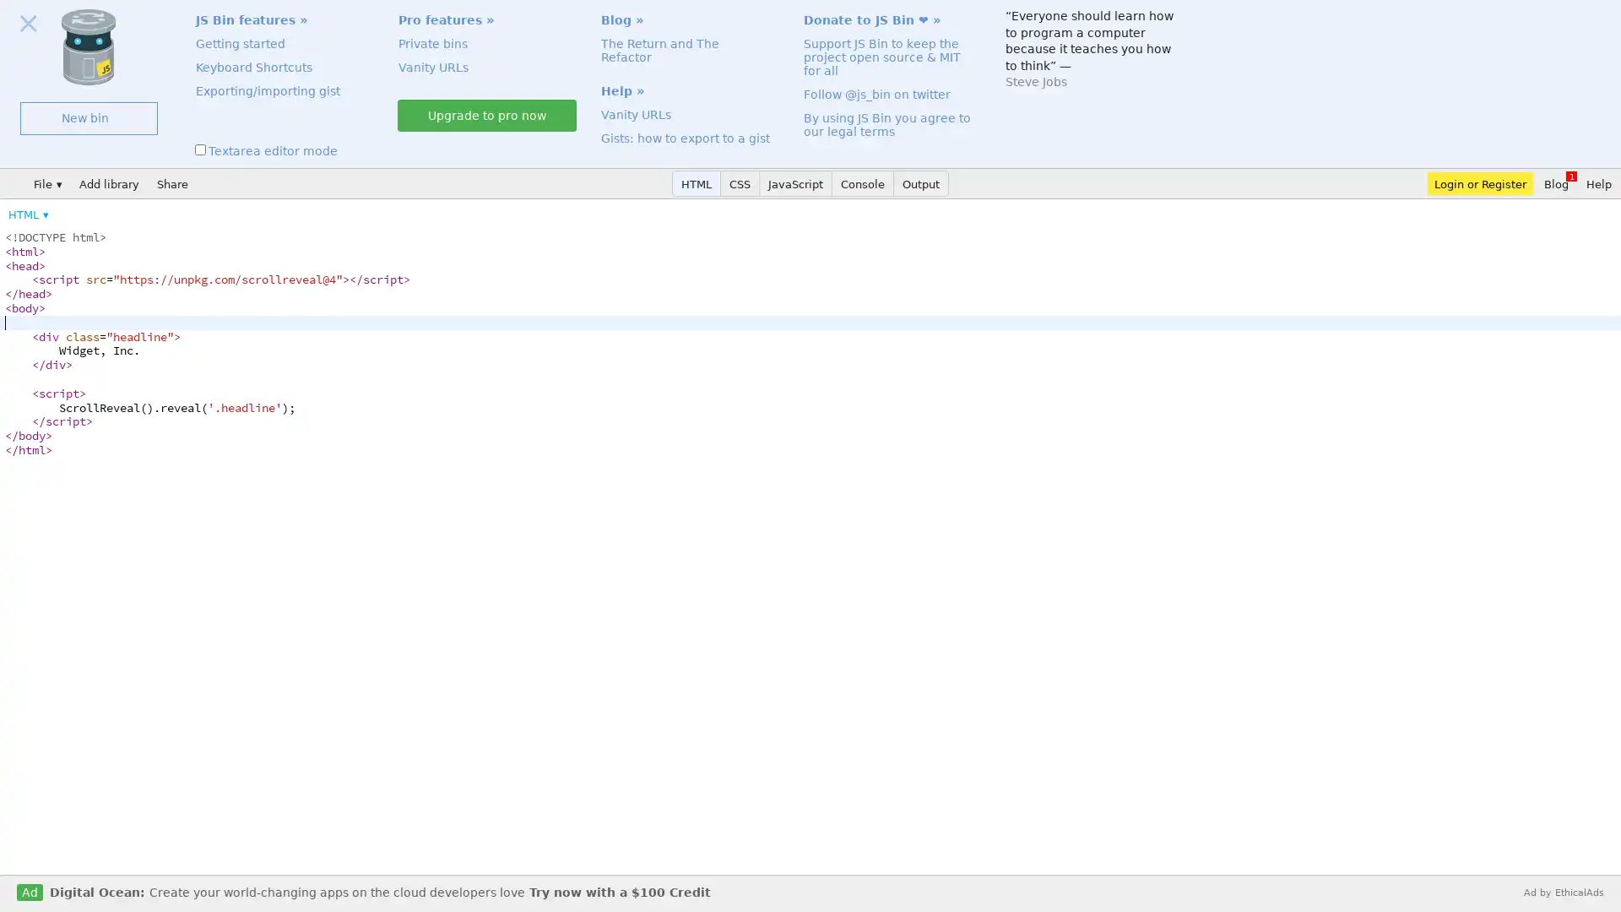 The height and width of the screenshot is (912, 1621). I want to click on CSS Panel: Inactive, so click(740, 183).